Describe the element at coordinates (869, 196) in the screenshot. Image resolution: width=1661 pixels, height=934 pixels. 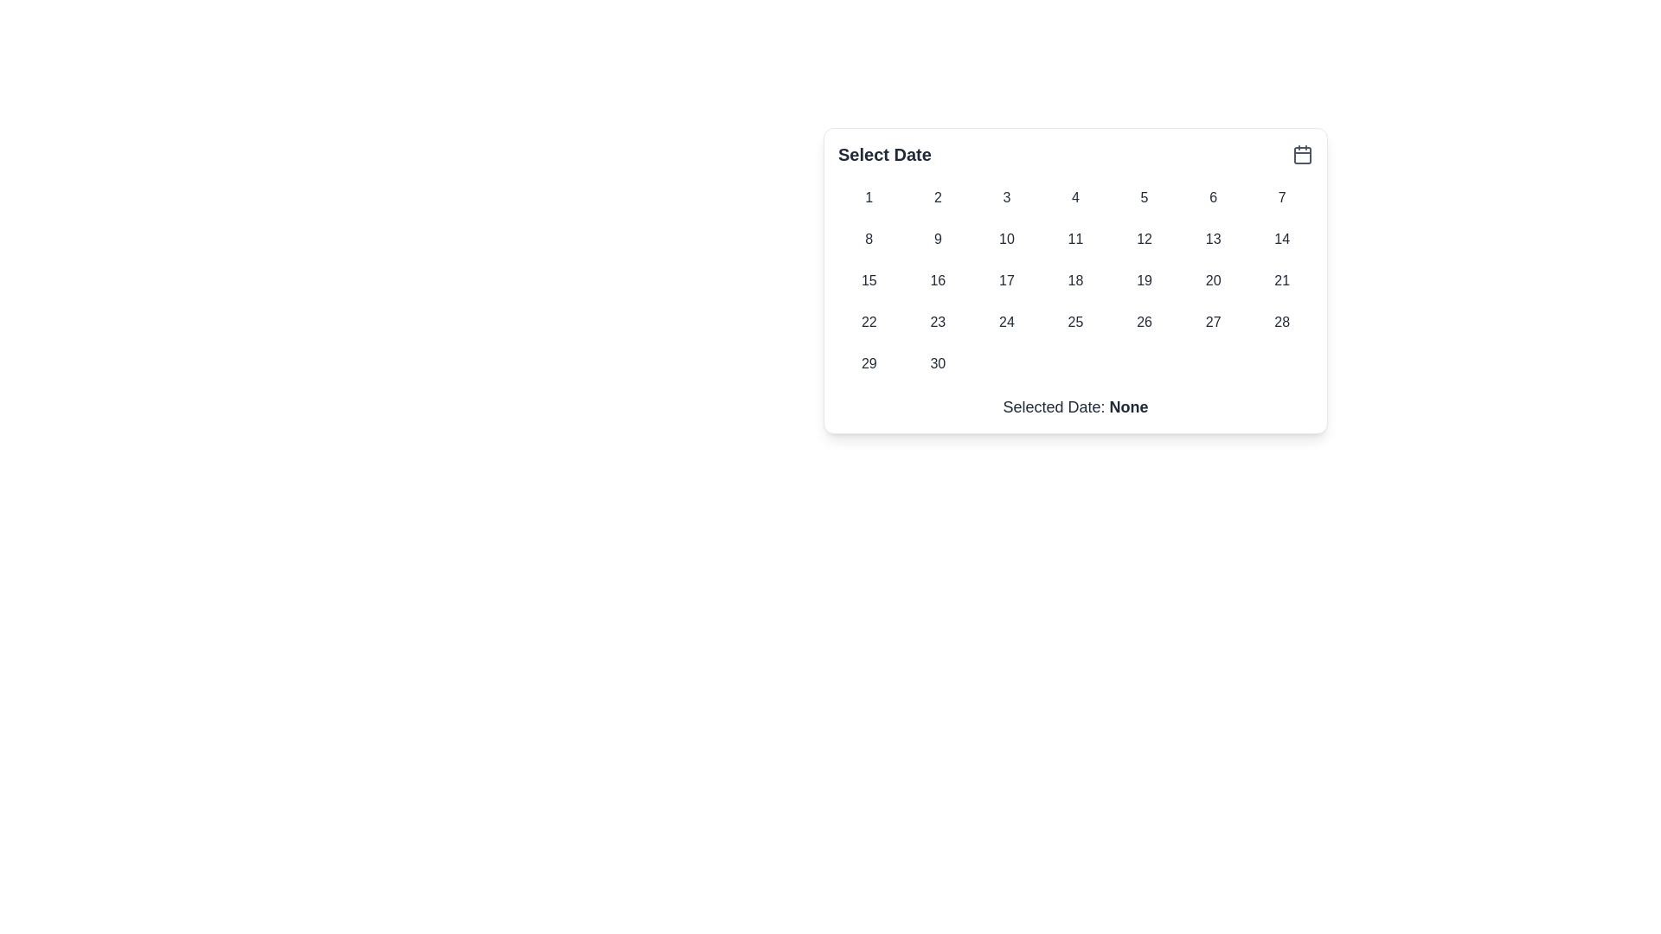
I see `the button labeled '1' in the first column of the first row of the calendar grid` at that location.